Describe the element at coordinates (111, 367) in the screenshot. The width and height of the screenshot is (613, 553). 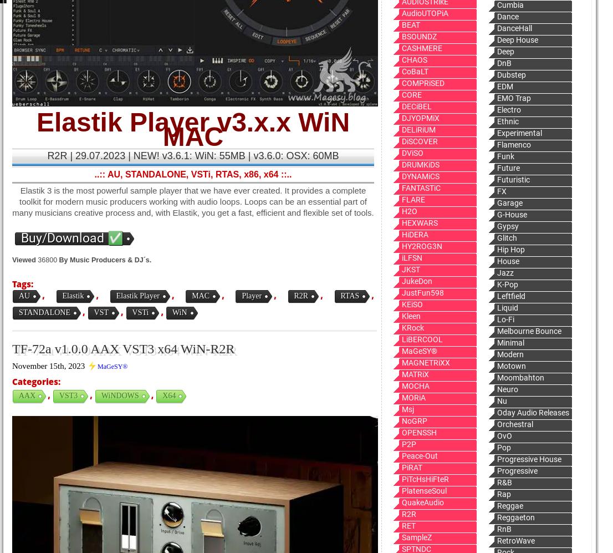
I see `'MaGeSY®'` at that location.